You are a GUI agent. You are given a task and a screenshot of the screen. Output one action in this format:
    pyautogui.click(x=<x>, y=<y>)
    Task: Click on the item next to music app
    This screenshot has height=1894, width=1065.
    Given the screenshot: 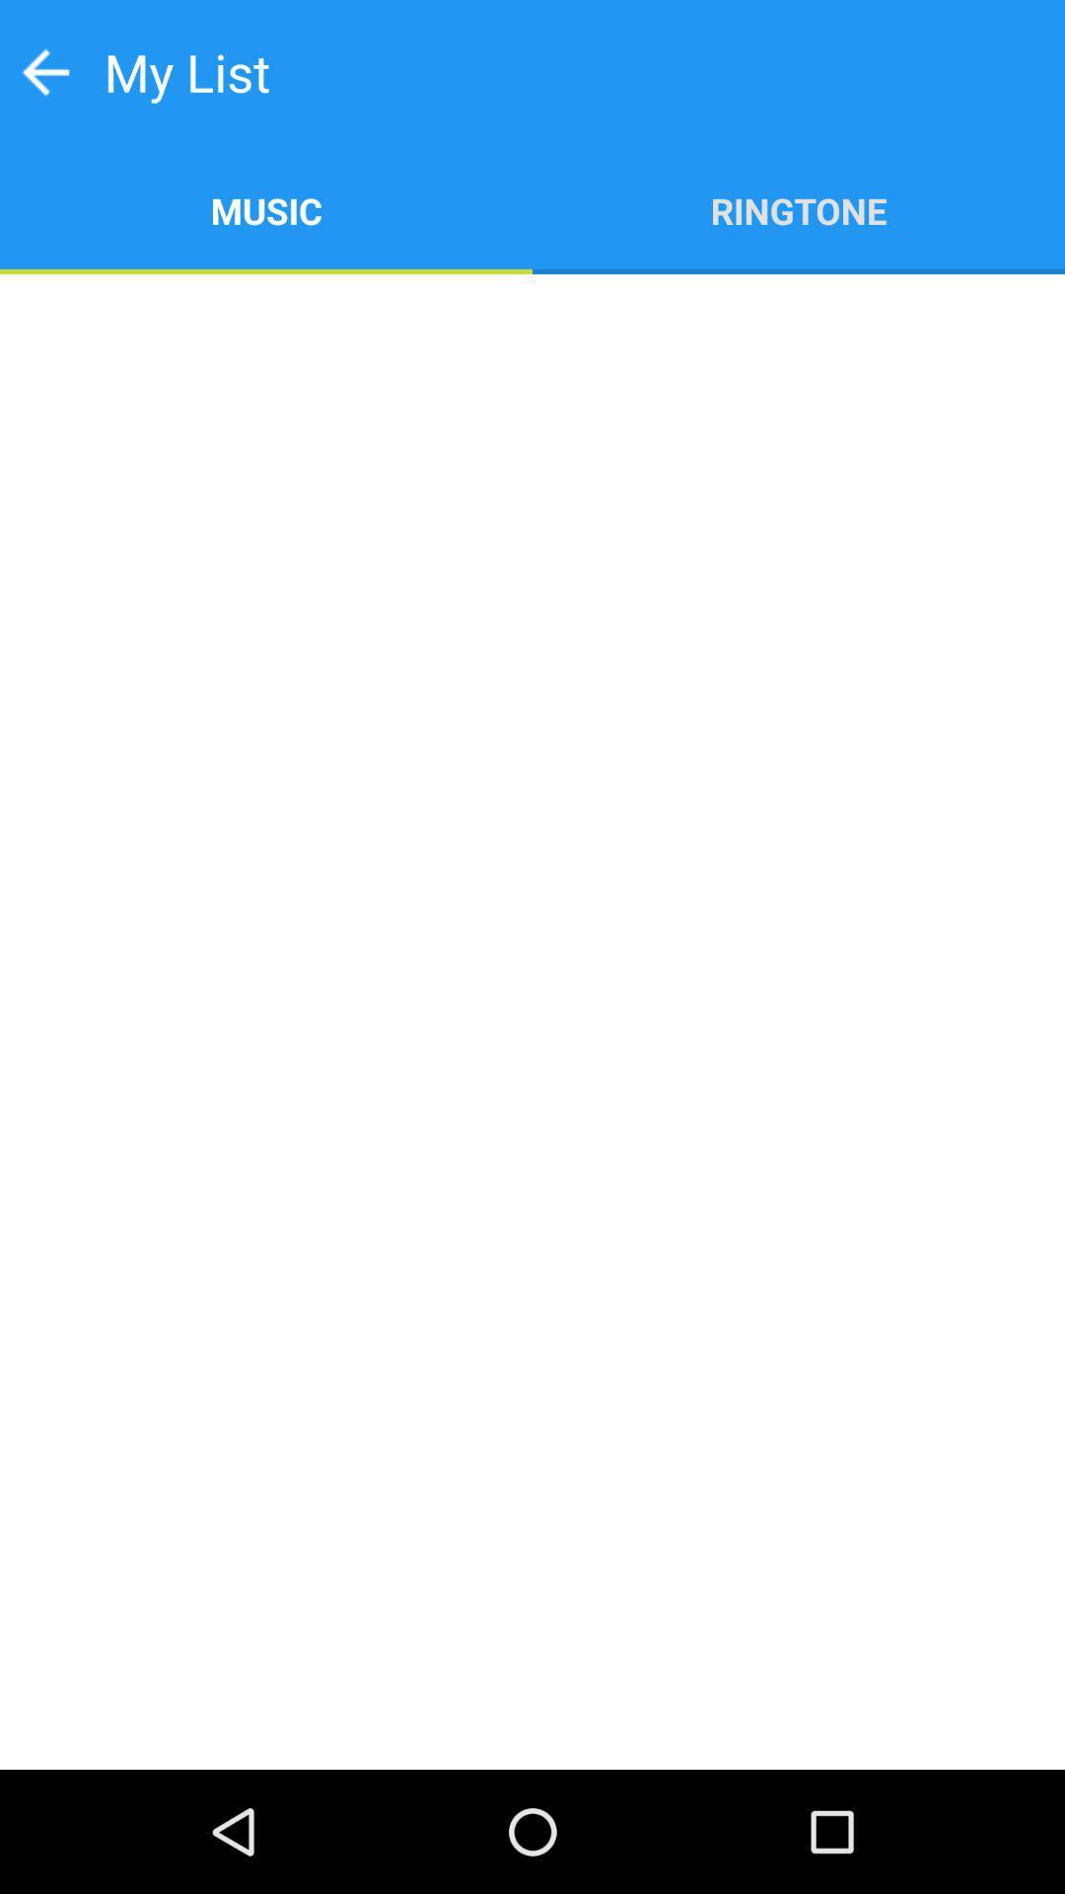 What is the action you would take?
    pyautogui.click(x=799, y=209)
    